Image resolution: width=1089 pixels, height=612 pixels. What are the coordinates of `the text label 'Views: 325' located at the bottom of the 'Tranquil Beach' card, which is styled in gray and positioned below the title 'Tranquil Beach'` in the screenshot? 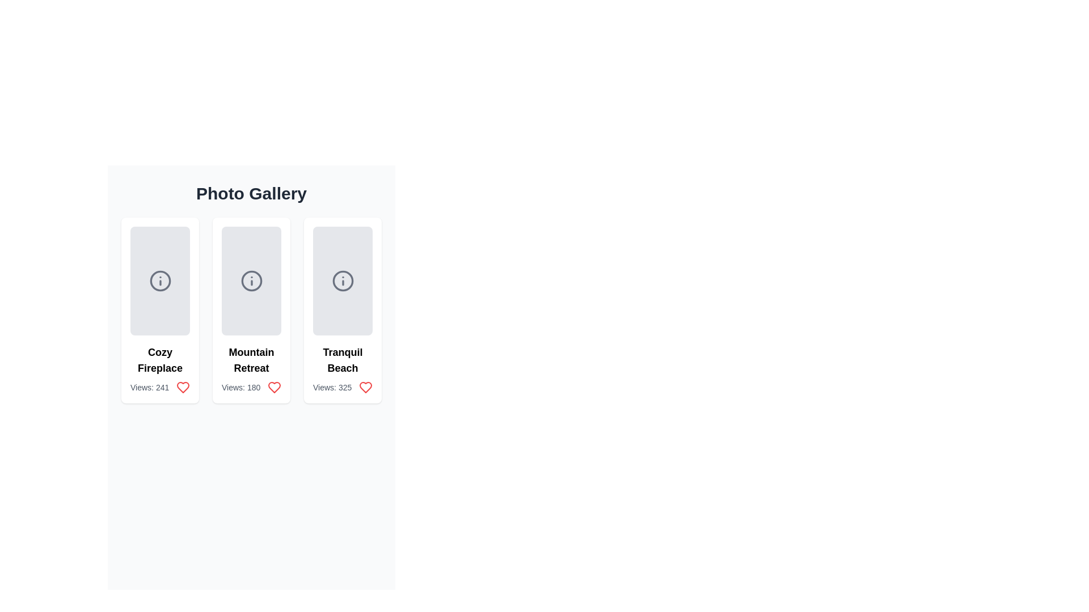 It's located at (342, 386).